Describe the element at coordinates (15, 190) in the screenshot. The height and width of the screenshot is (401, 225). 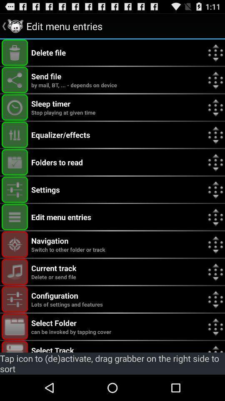
I see `settings button` at that location.